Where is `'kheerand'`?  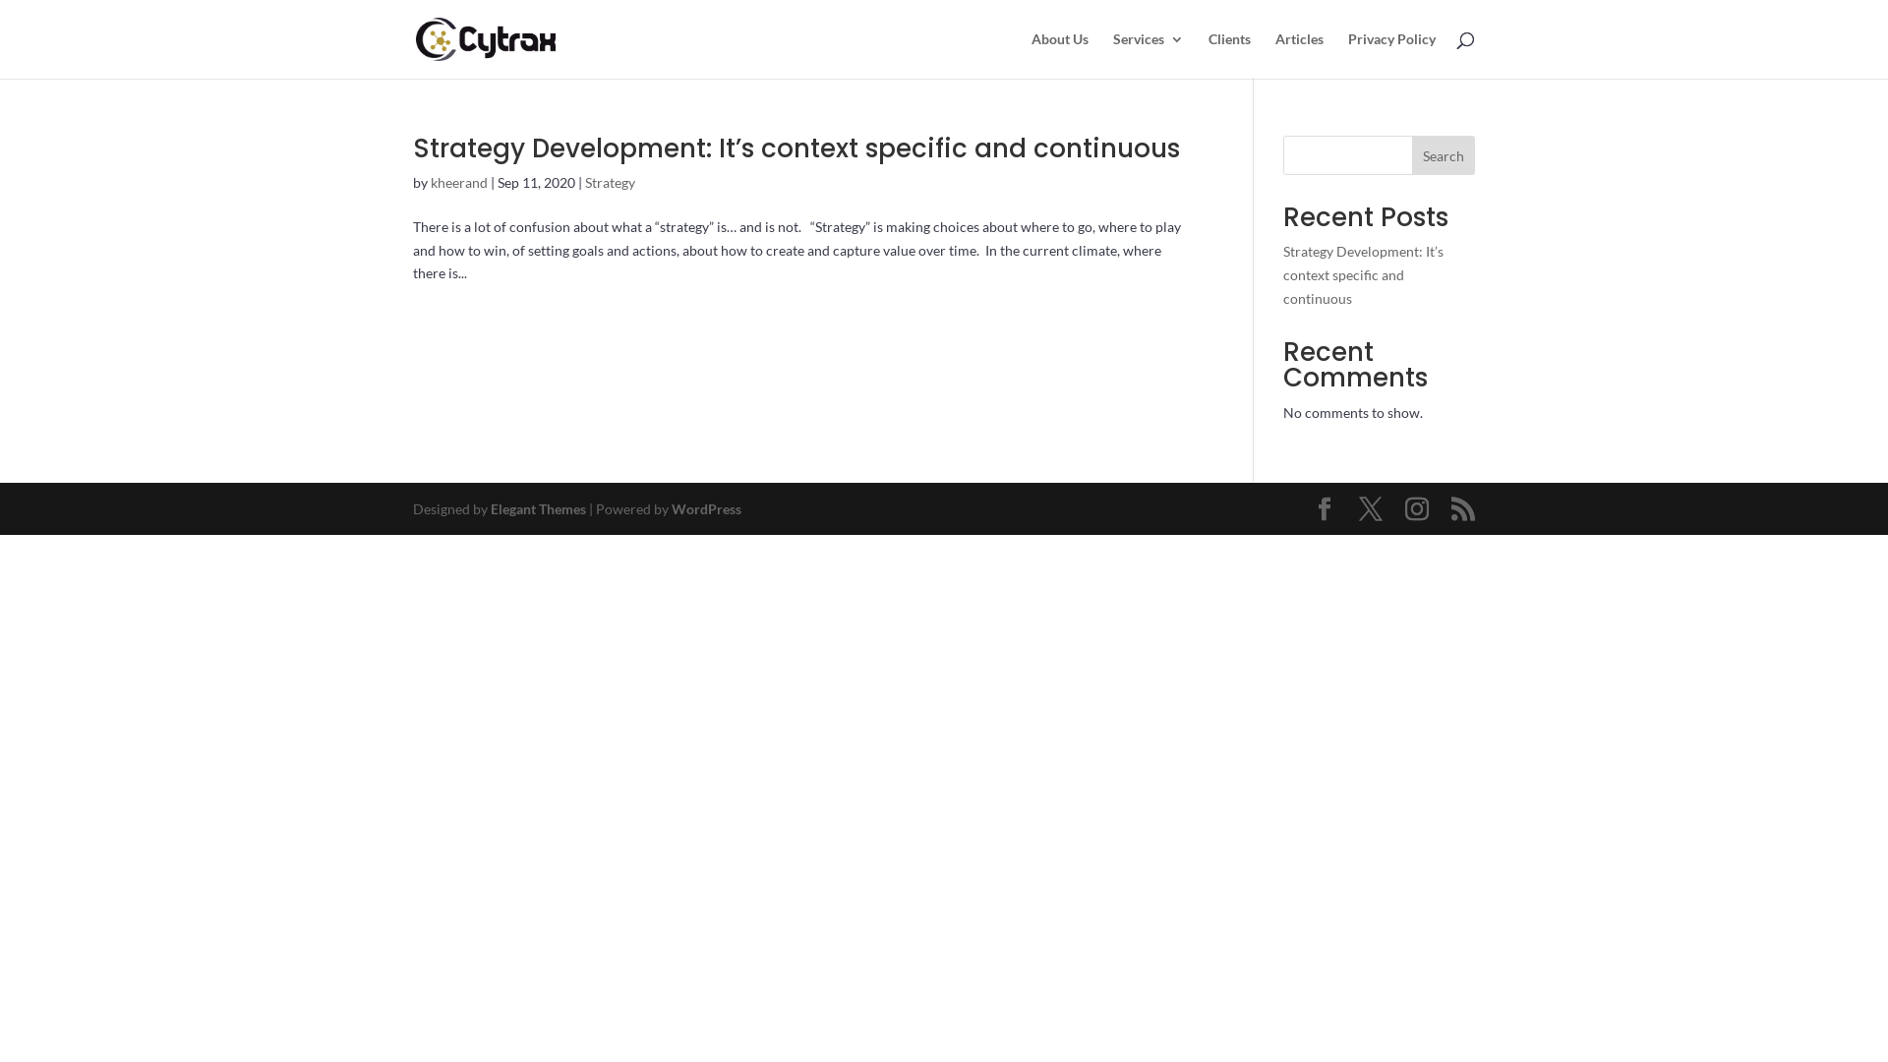
'kheerand' is located at coordinates (429, 182).